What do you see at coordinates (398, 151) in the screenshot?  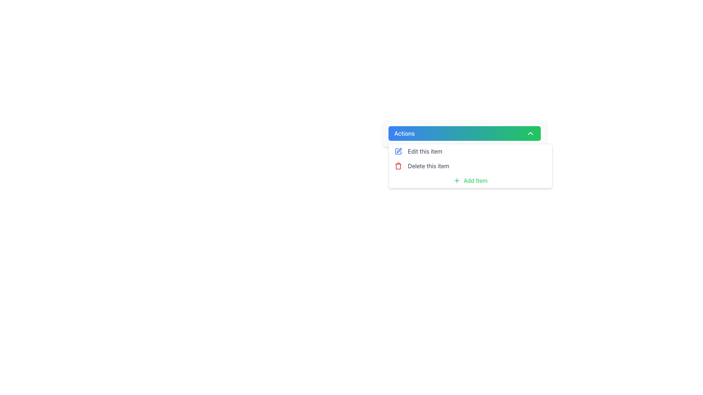 I see `the blue square icon with a pen symbol located to the left of the 'Edit this item' text within the dropdown menu under the 'Actions' button` at bounding box center [398, 151].